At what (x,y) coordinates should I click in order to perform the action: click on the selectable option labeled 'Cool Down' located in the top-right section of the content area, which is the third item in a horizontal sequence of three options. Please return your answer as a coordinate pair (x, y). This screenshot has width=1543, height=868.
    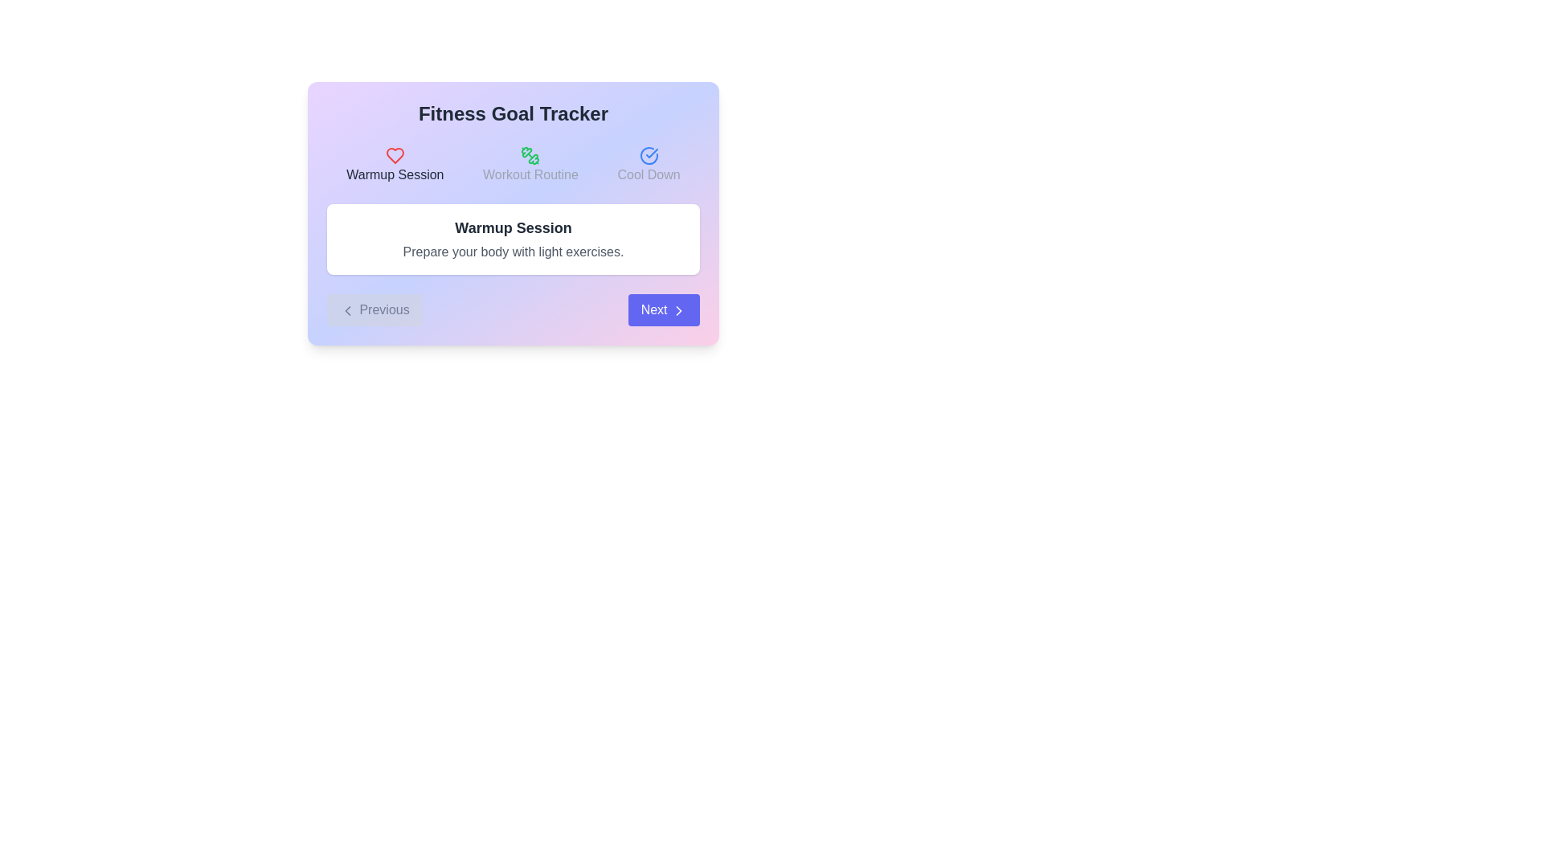
    Looking at the image, I should click on (649, 165).